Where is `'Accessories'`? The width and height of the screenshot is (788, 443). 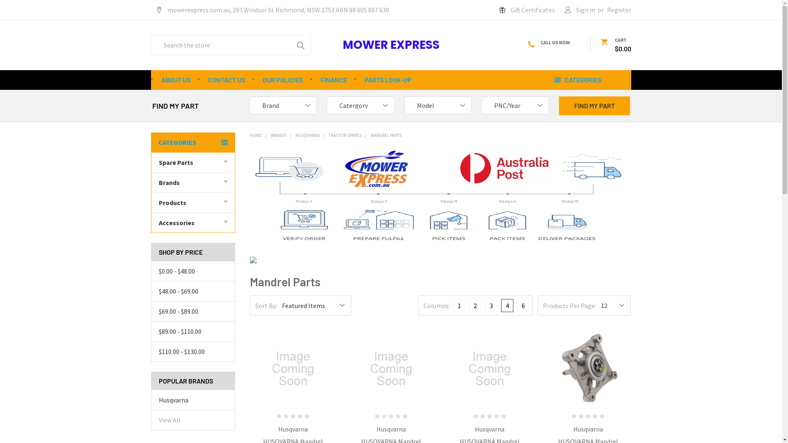 'Accessories' is located at coordinates (151, 222).